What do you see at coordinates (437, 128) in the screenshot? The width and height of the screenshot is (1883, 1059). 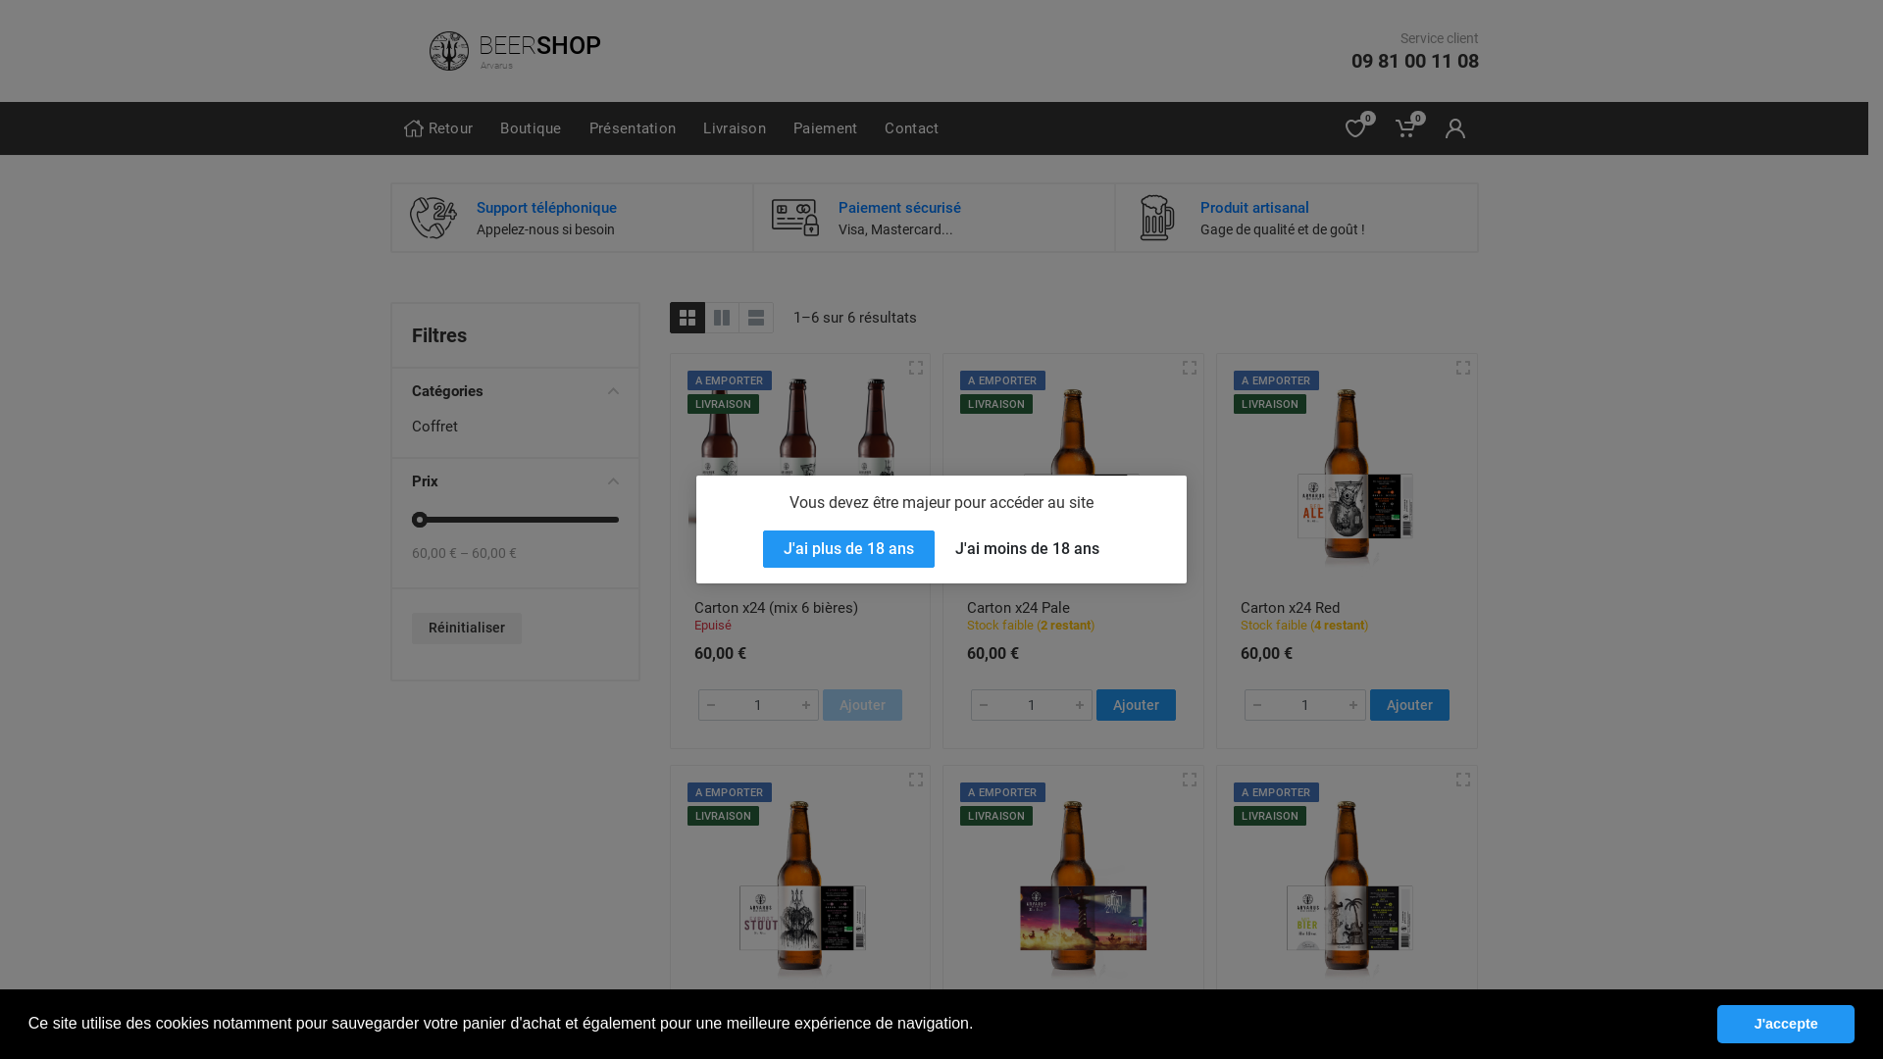 I see `'Retour'` at bounding box center [437, 128].